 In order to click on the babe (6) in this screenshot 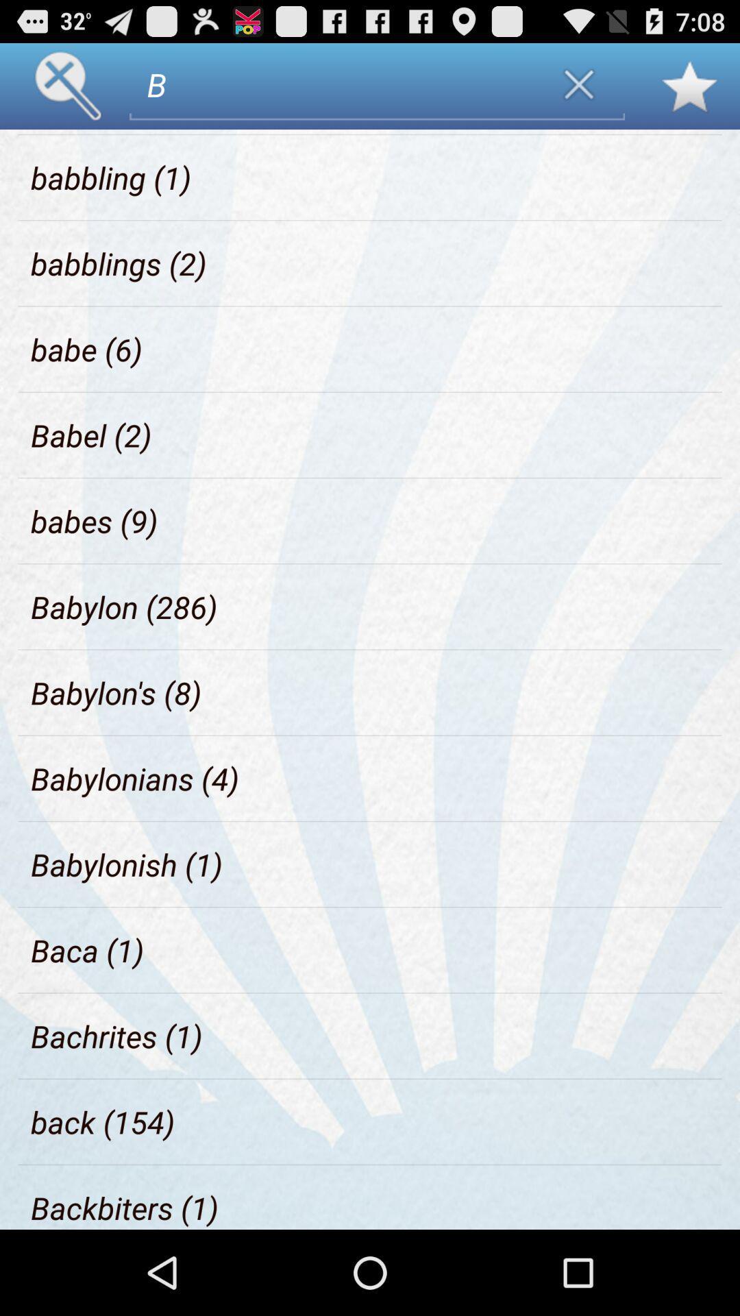, I will do `click(86, 349)`.